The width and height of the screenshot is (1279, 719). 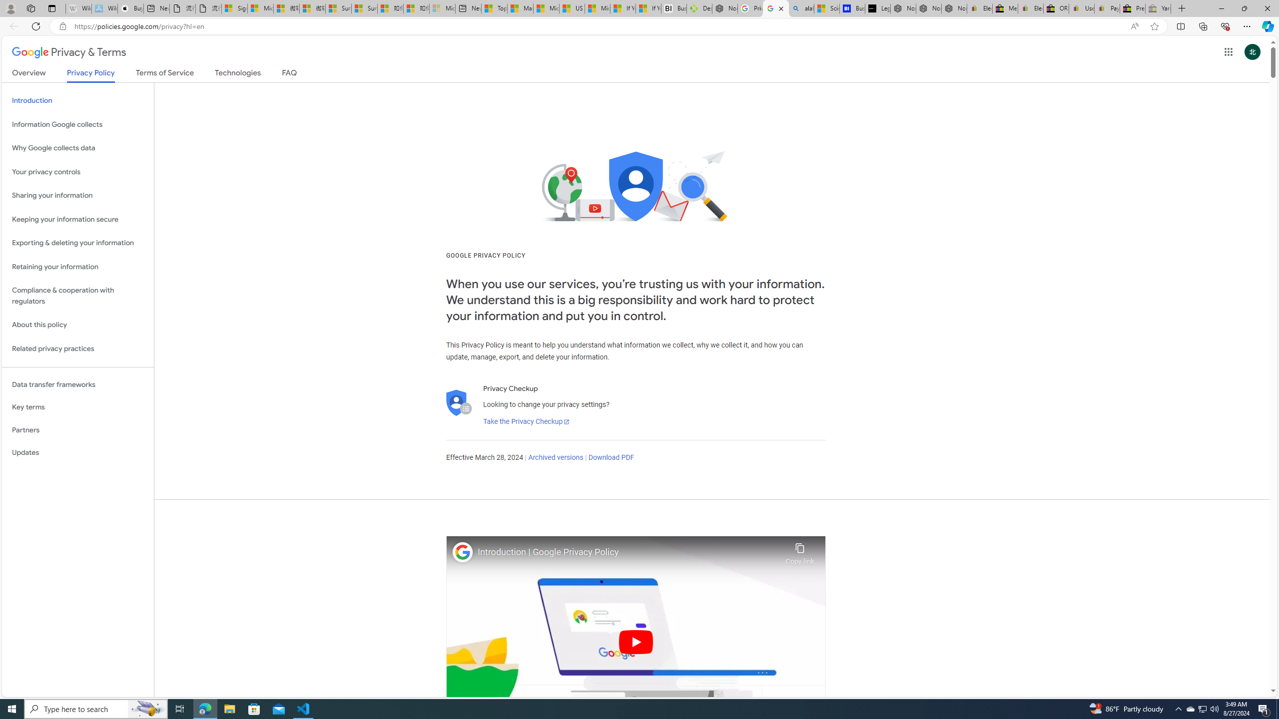 I want to click on 'Retaining your information', so click(x=77, y=266).